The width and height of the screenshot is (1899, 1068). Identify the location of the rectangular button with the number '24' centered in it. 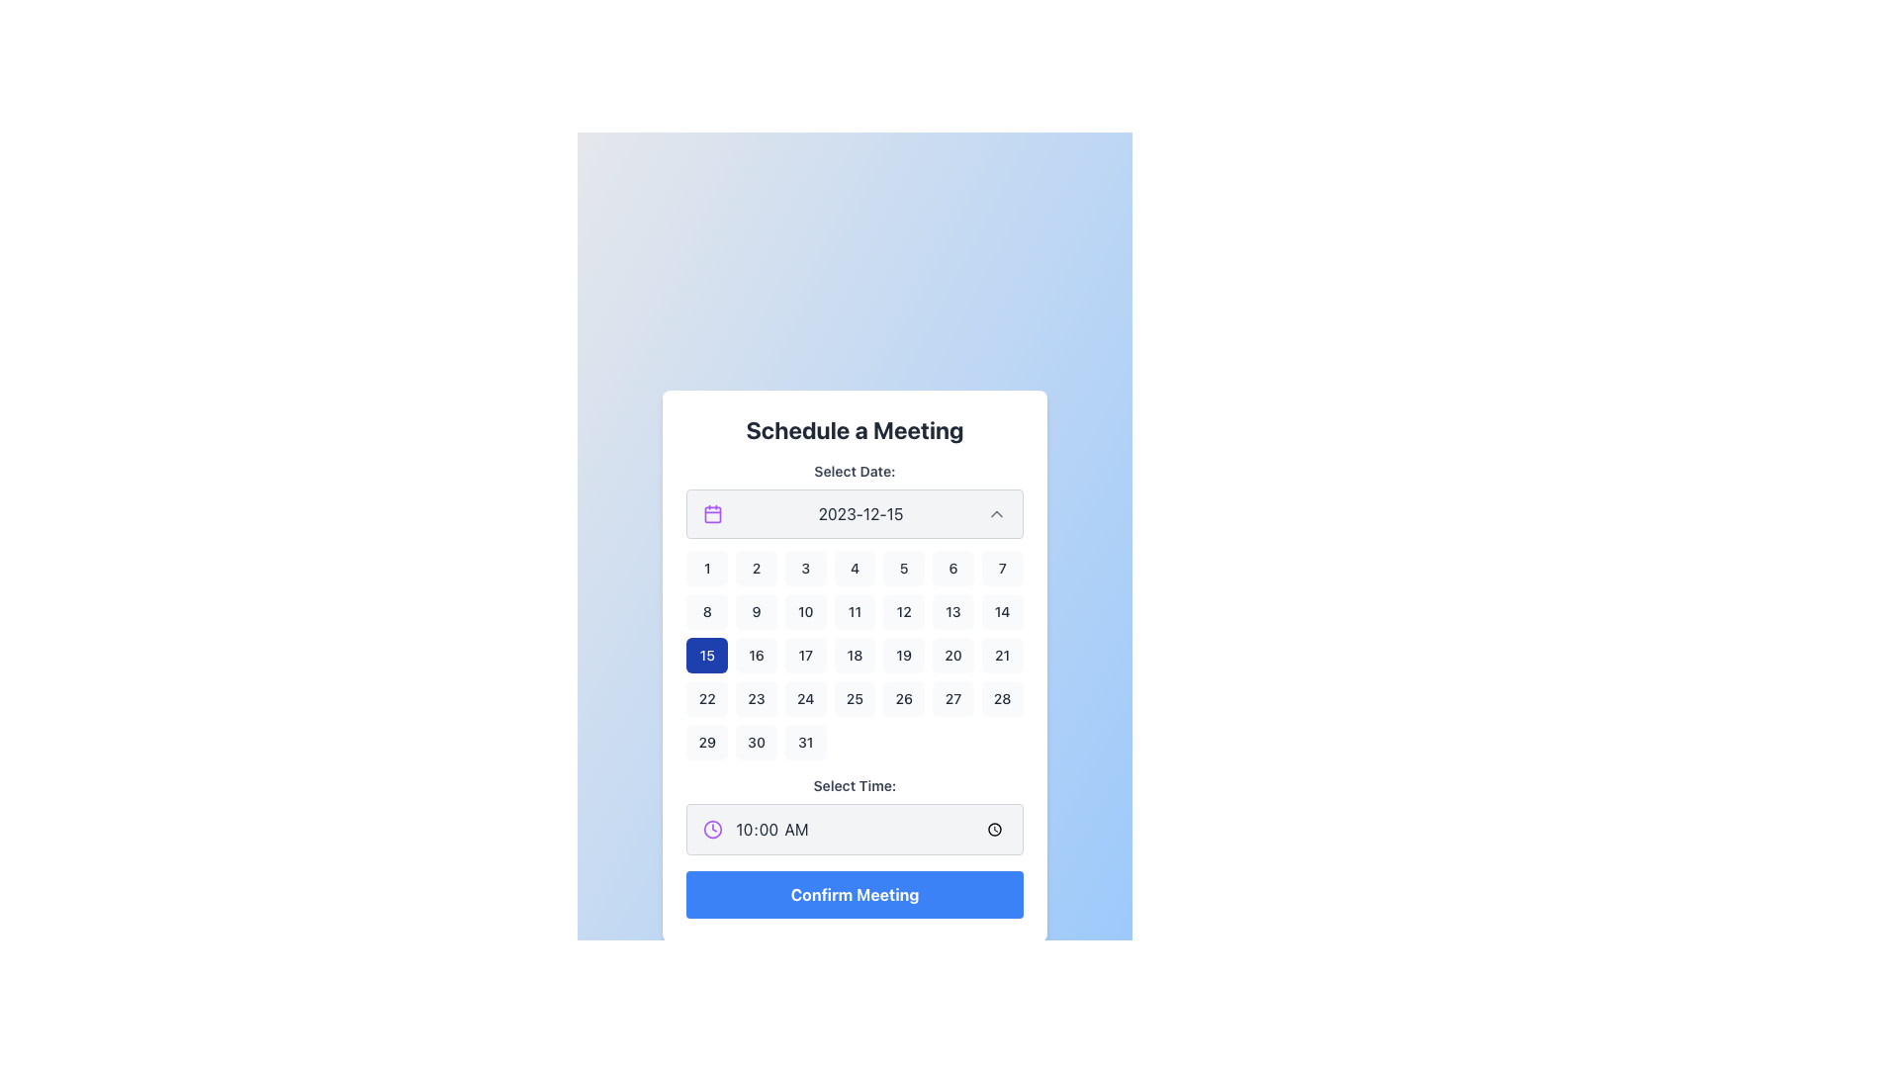
(805, 697).